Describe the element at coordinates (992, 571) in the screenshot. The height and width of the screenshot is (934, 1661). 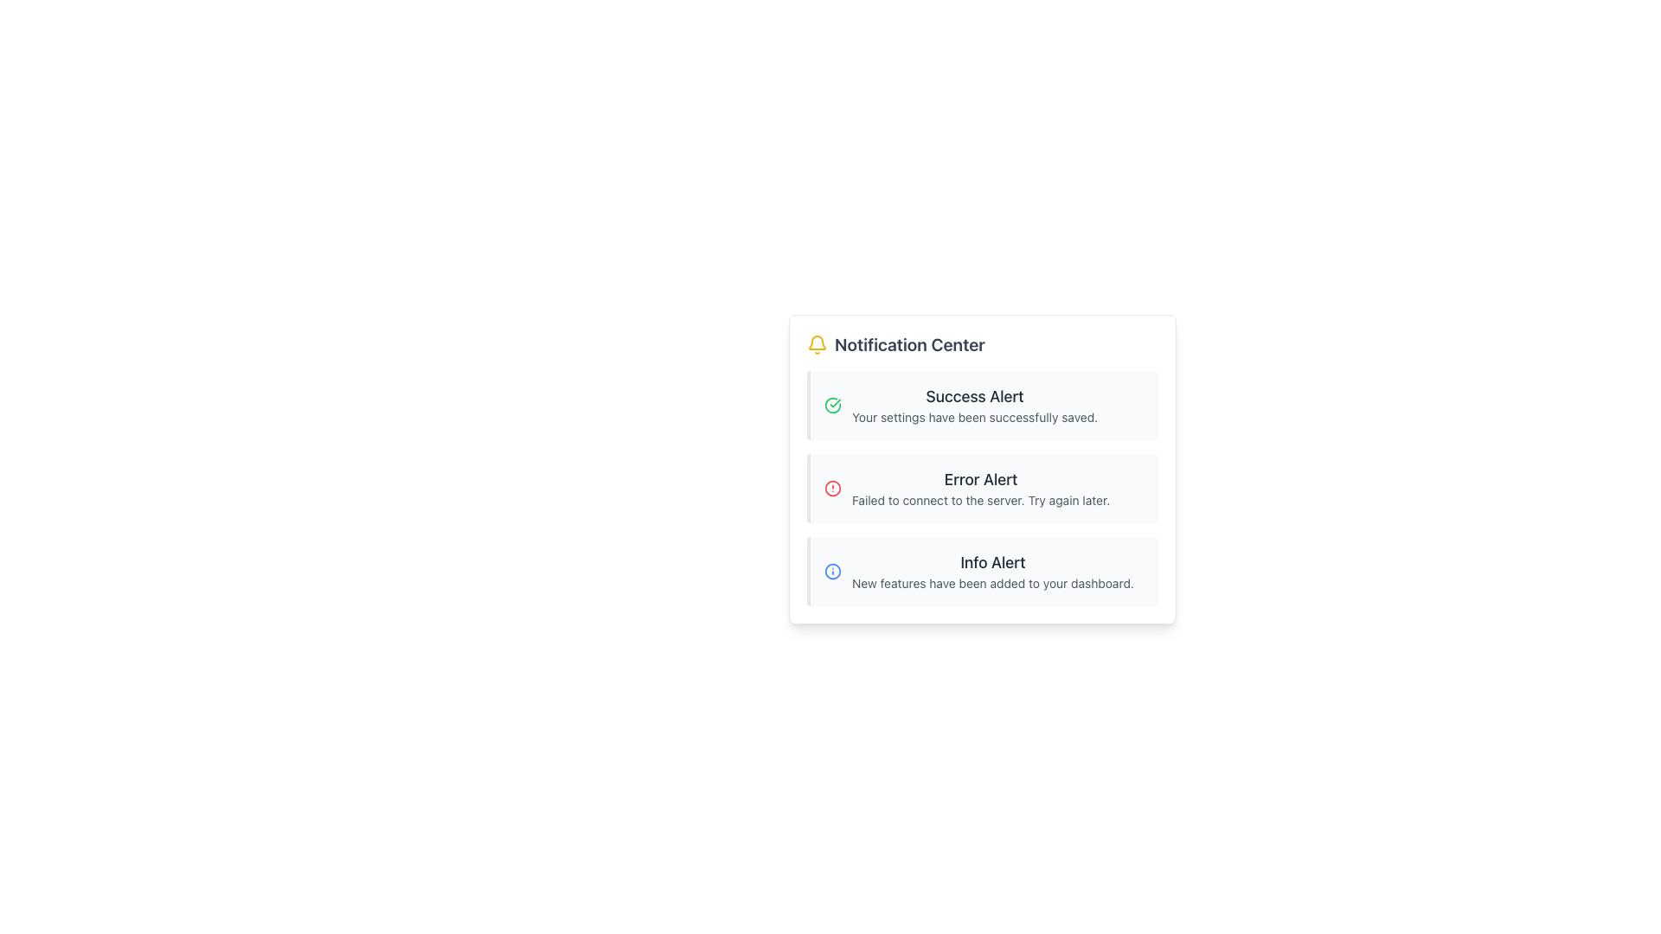
I see `the 'Info Alert' text-based notification in the Notification Center, which contains the title 'Info Alert' and explanatory text 'New features have been added to your dashboard.'` at that location.